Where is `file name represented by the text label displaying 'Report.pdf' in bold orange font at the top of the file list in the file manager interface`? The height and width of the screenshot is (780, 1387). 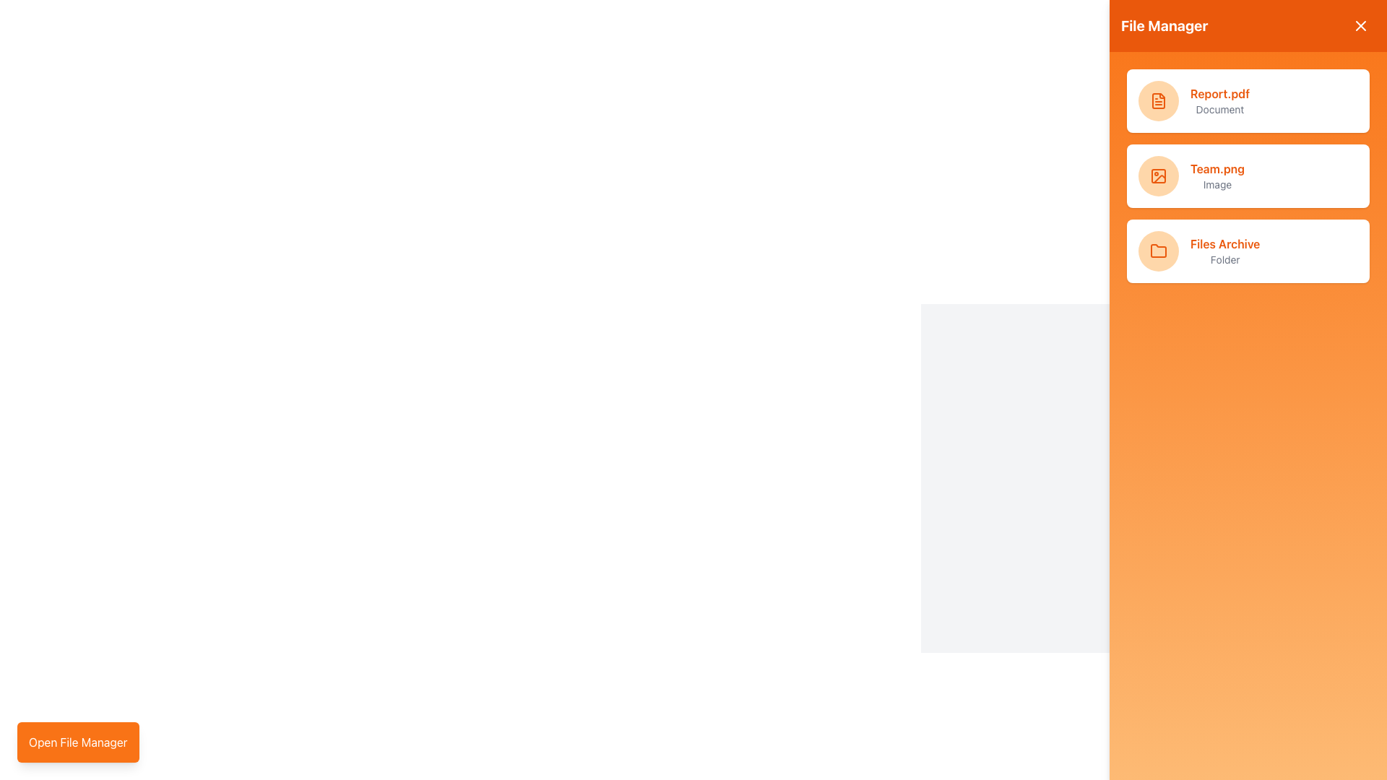
file name represented by the text label displaying 'Report.pdf' in bold orange font at the top of the file list in the file manager interface is located at coordinates (1219, 94).